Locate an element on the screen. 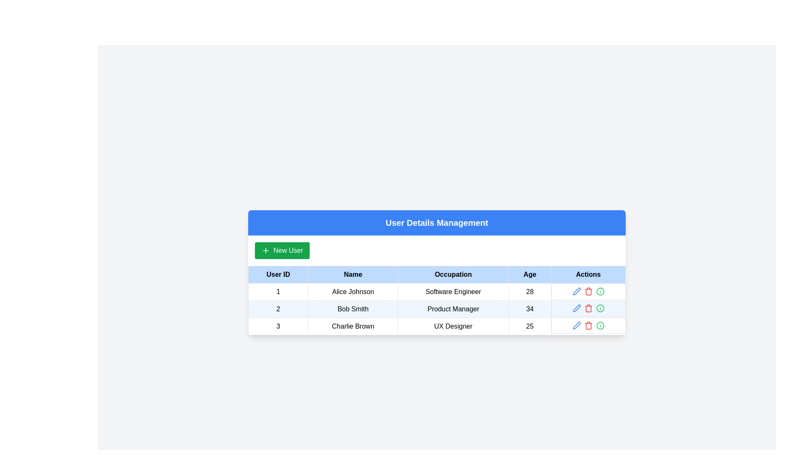 The width and height of the screenshot is (809, 455). the text label 'UX Designer' located in the third row of the 'Occupation' column in the 'User Details Management' table is located at coordinates (453, 326).